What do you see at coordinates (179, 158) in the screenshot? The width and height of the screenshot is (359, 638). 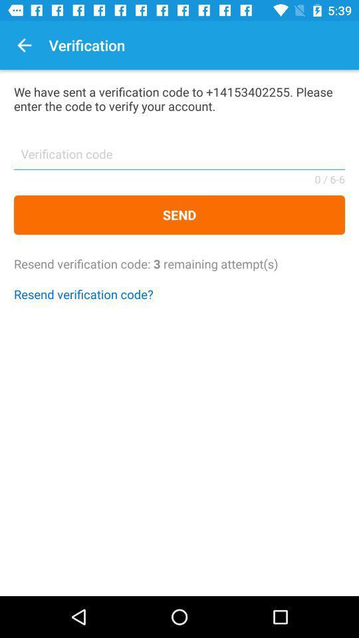 I see `verification code` at bounding box center [179, 158].